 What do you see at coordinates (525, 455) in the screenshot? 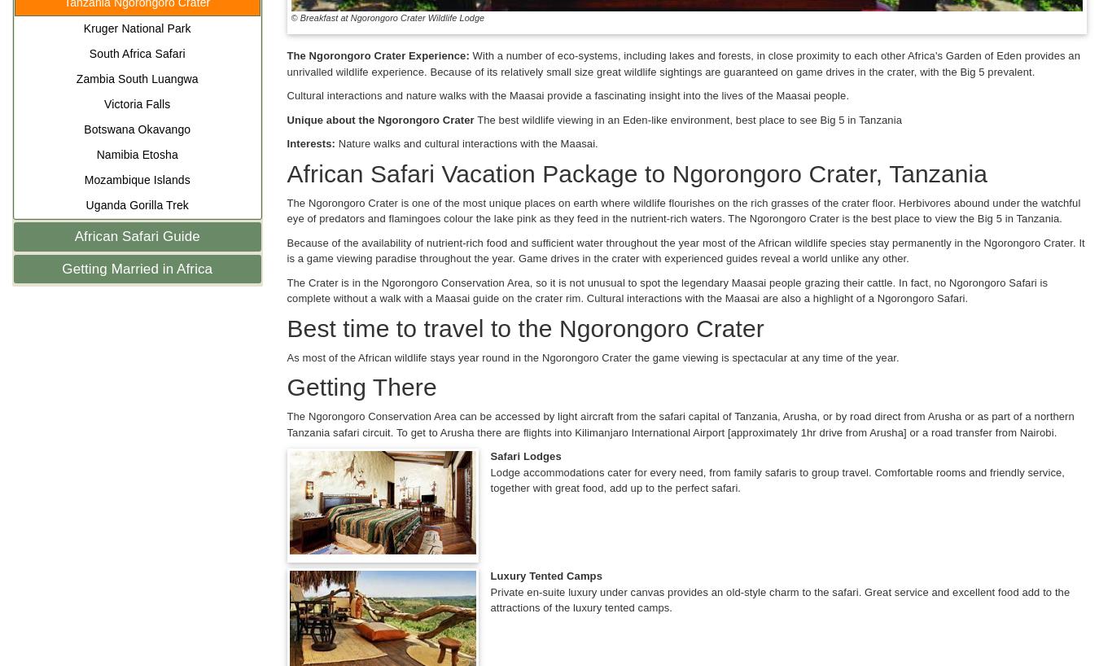
I see `'Safari Lodges'` at bounding box center [525, 455].